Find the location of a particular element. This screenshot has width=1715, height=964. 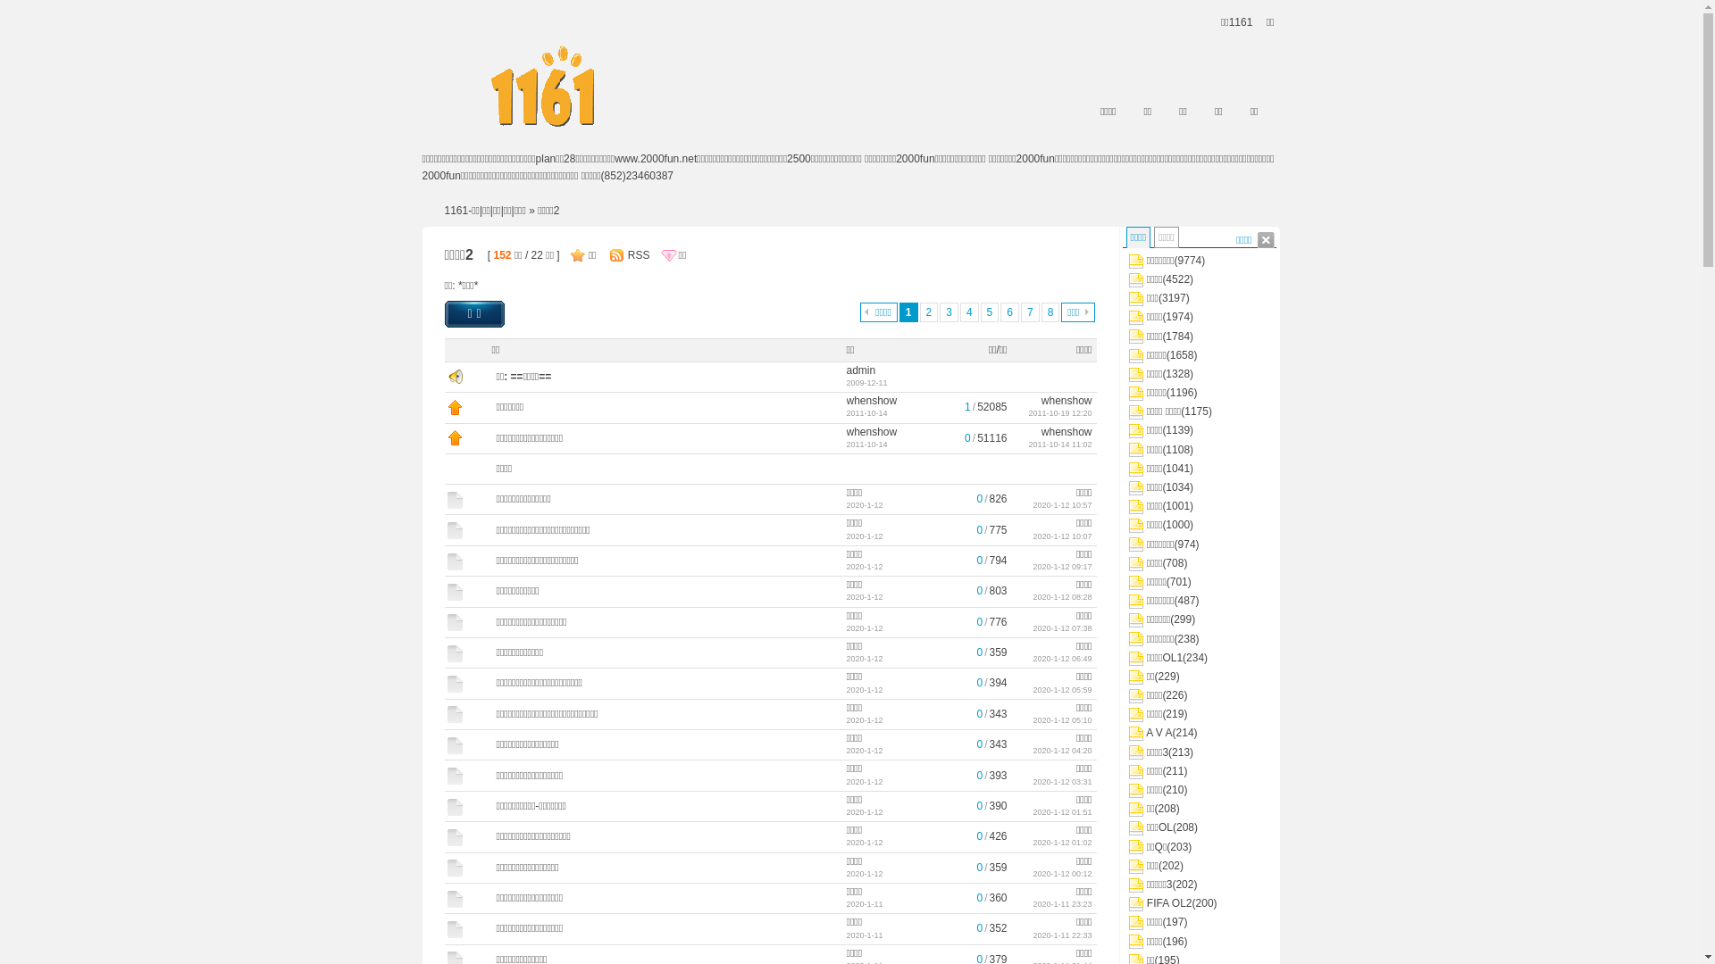

'3' is located at coordinates (938, 312).